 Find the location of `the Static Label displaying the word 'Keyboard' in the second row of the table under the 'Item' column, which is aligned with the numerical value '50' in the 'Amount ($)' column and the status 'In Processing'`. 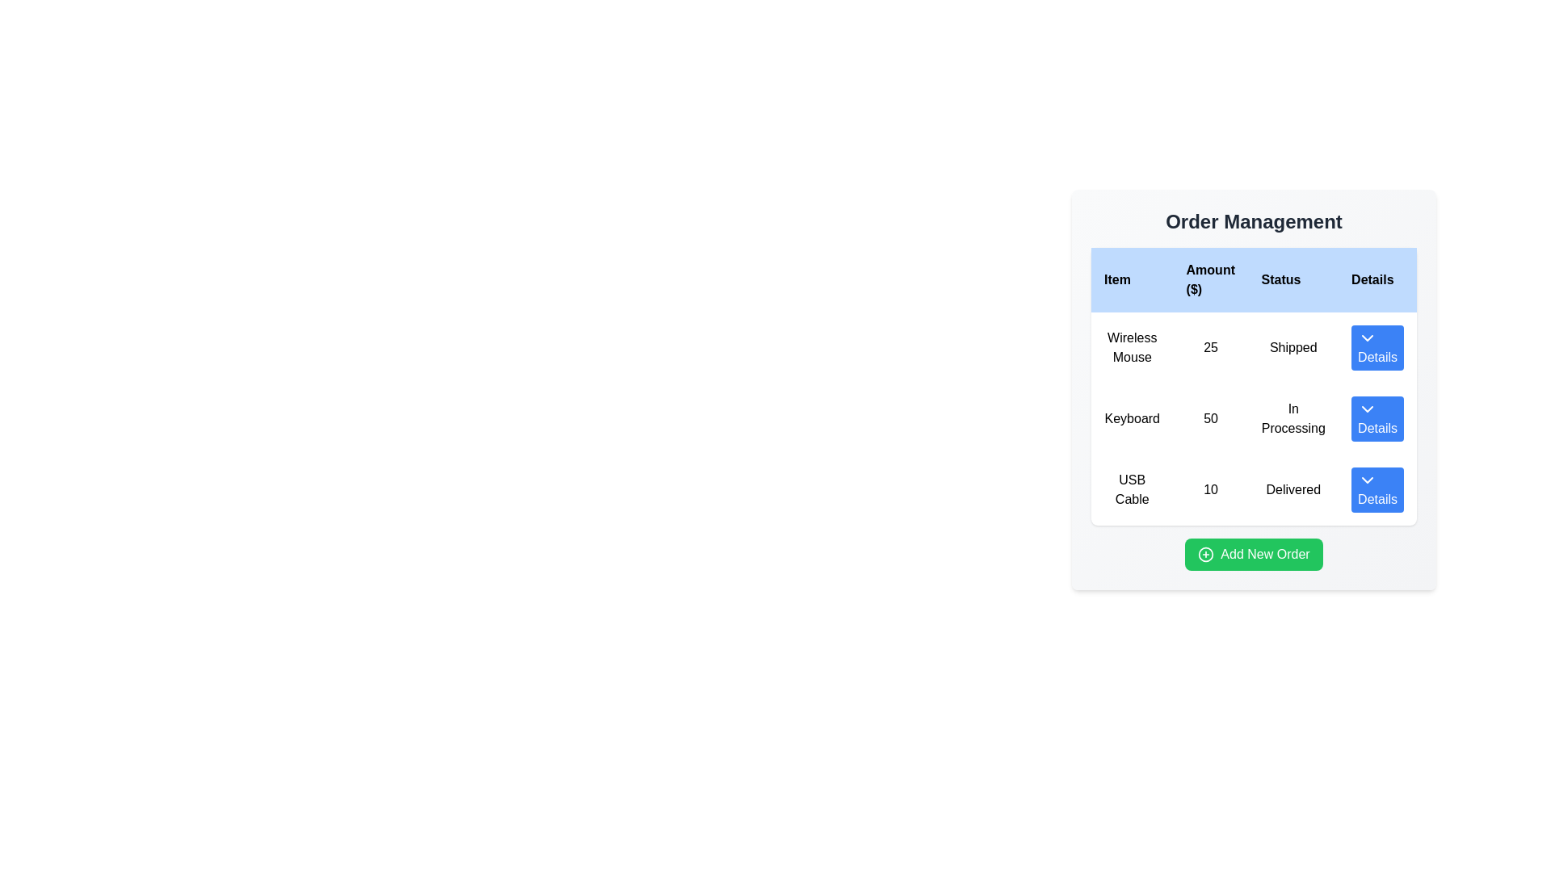

the Static Label displaying the word 'Keyboard' in the second row of the table under the 'Item' column, which is aligned with the numerical value '50' in the 'Amount ($)' column and the status 'In Processing' is located at coordinates (1131, 418).